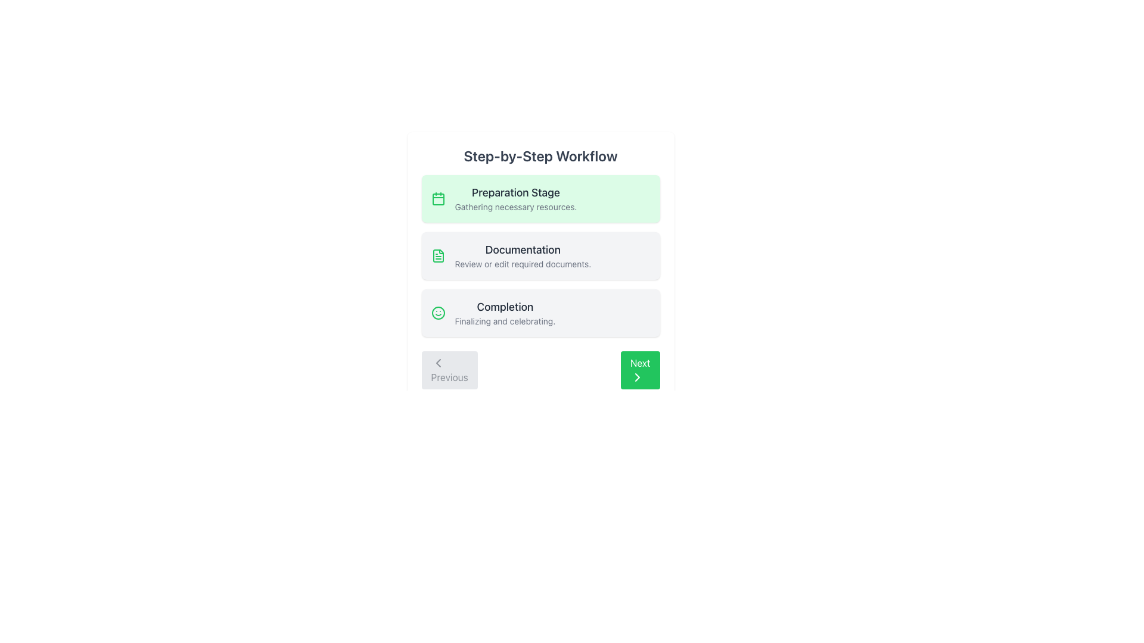  Describe the element at coordinates (437, 312) in the screenshot. I see `the bright green circular icon with a smiling face located at the top-left corner of the 'Completion' step section in the workflow interface` at that location.